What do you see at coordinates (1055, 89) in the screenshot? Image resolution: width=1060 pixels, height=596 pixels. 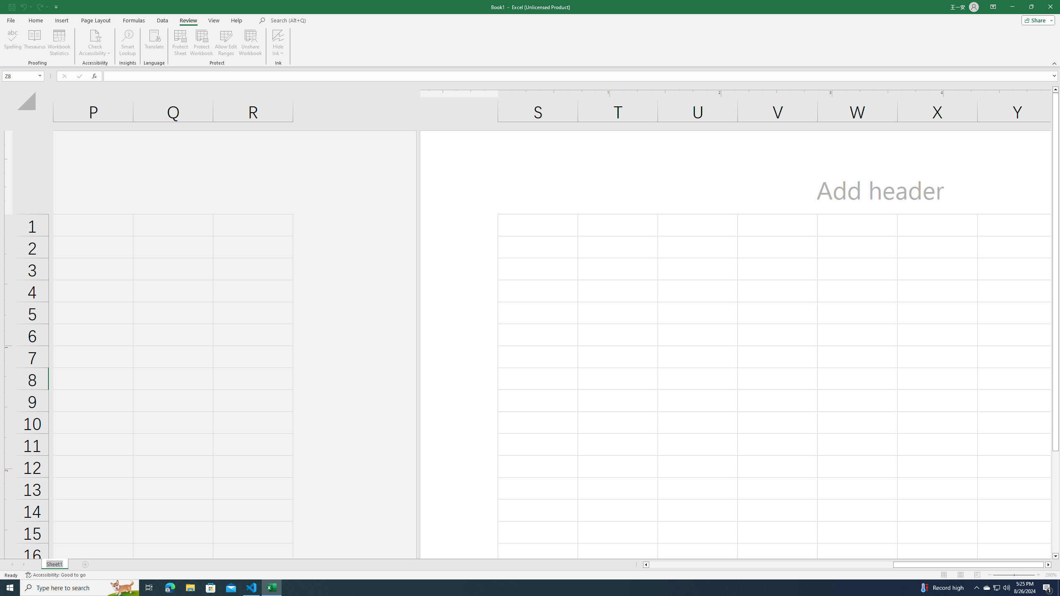 I see `'Line up'` at bounding box center [1055, 89].